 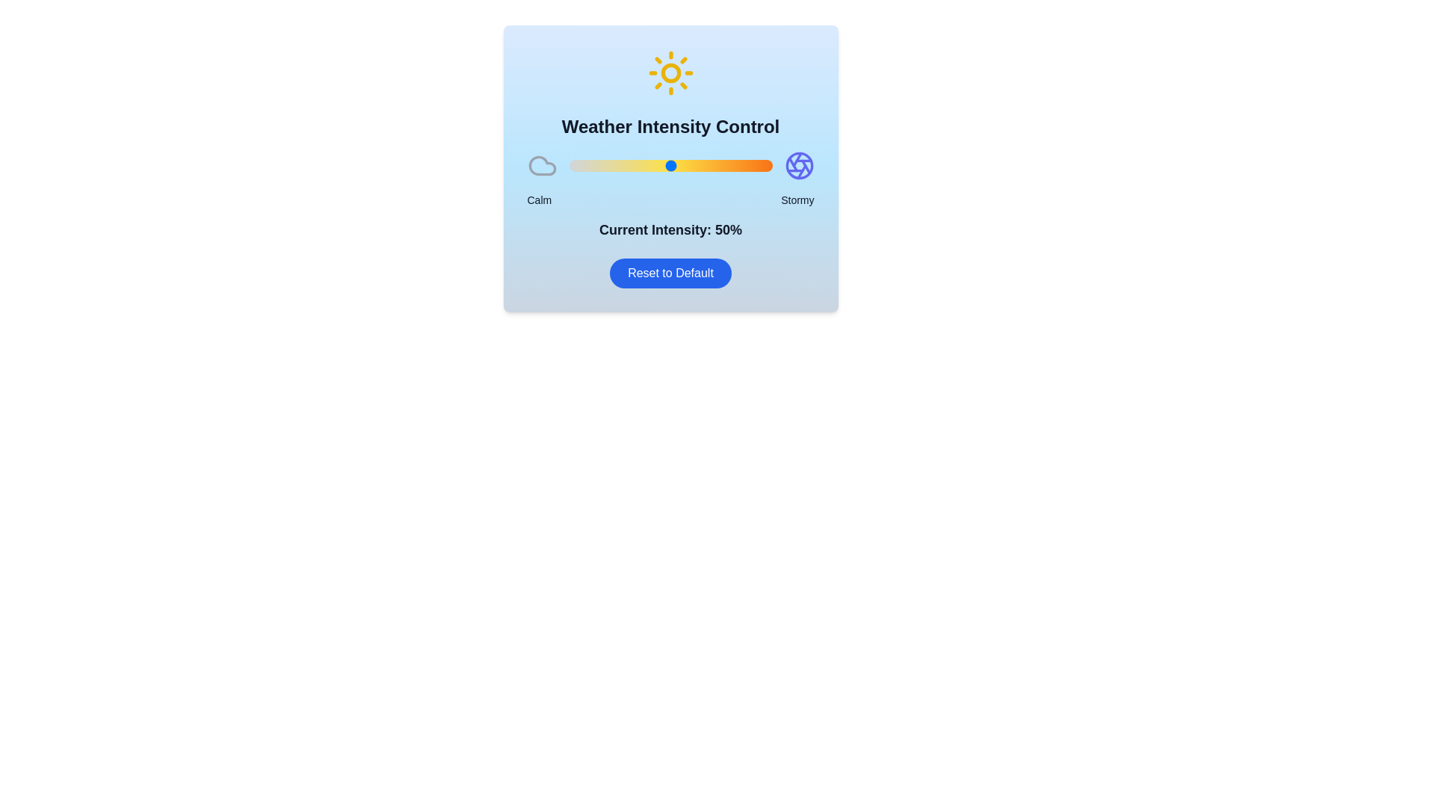 I want to click on the text displaying the current intensity value, so click(x=670, y=230).